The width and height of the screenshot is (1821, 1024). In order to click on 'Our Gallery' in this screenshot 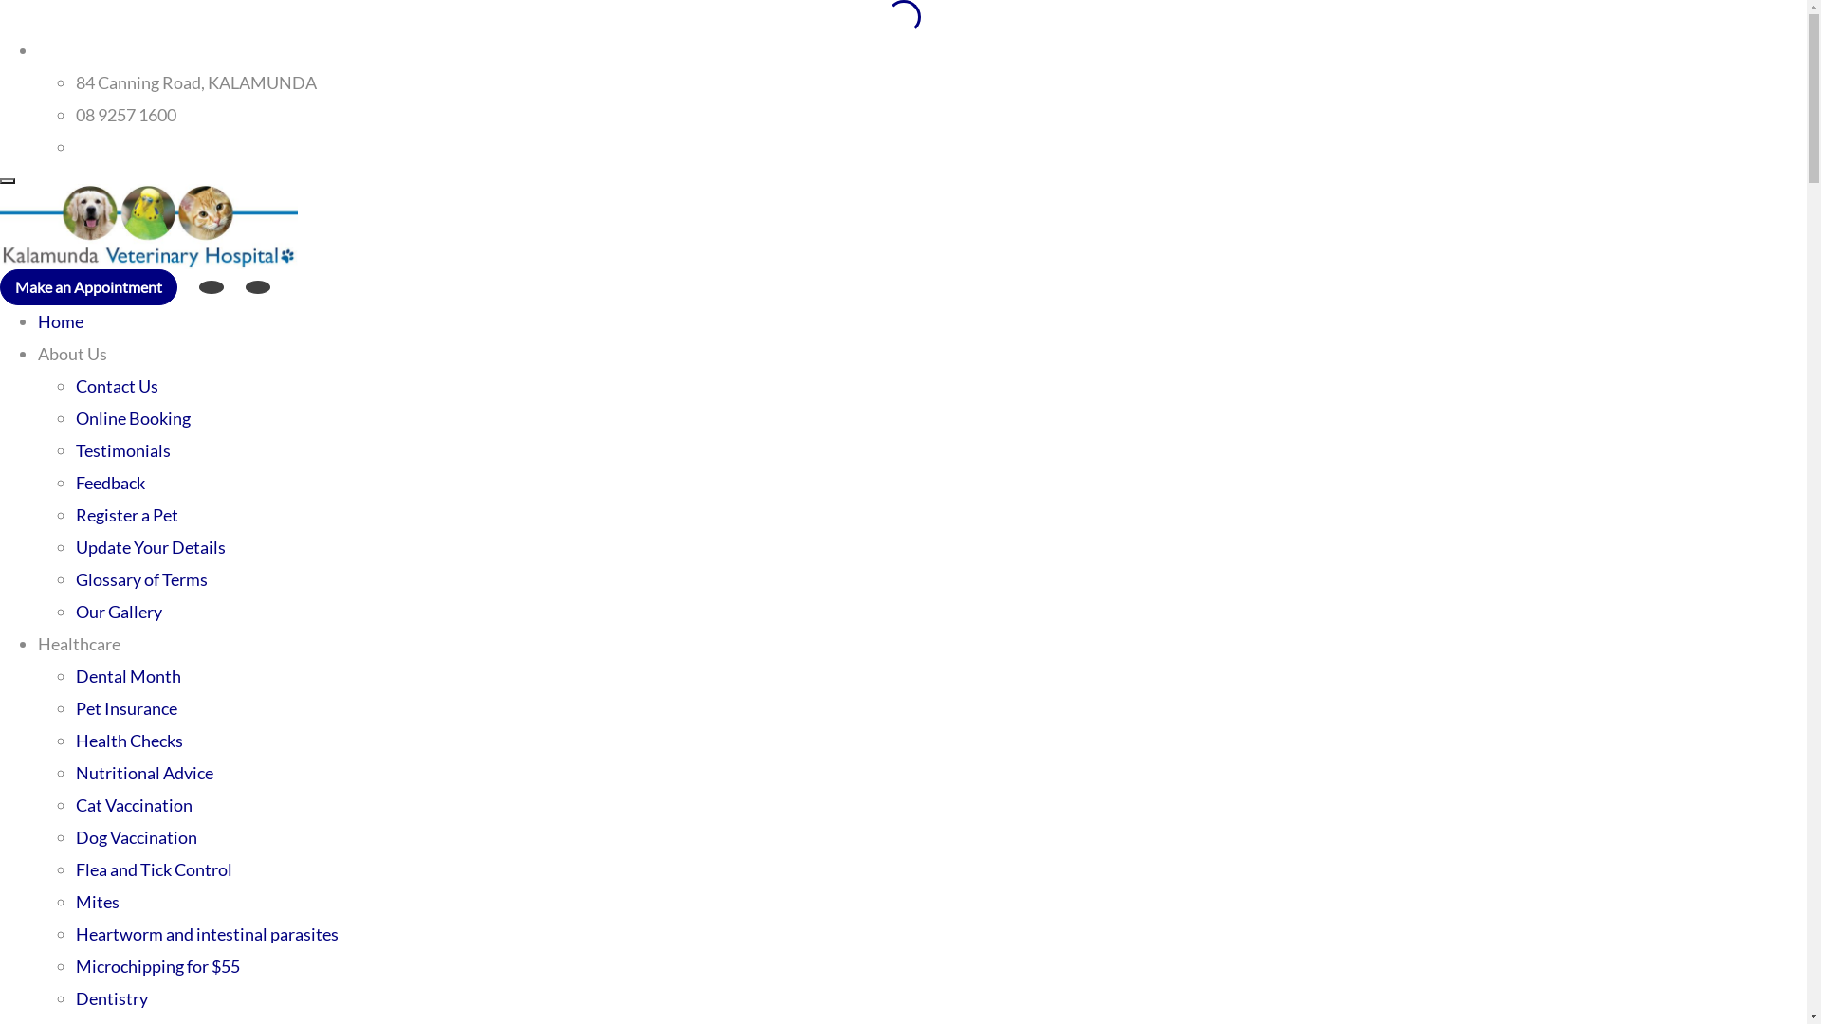, I will do `click(118, 611)`.